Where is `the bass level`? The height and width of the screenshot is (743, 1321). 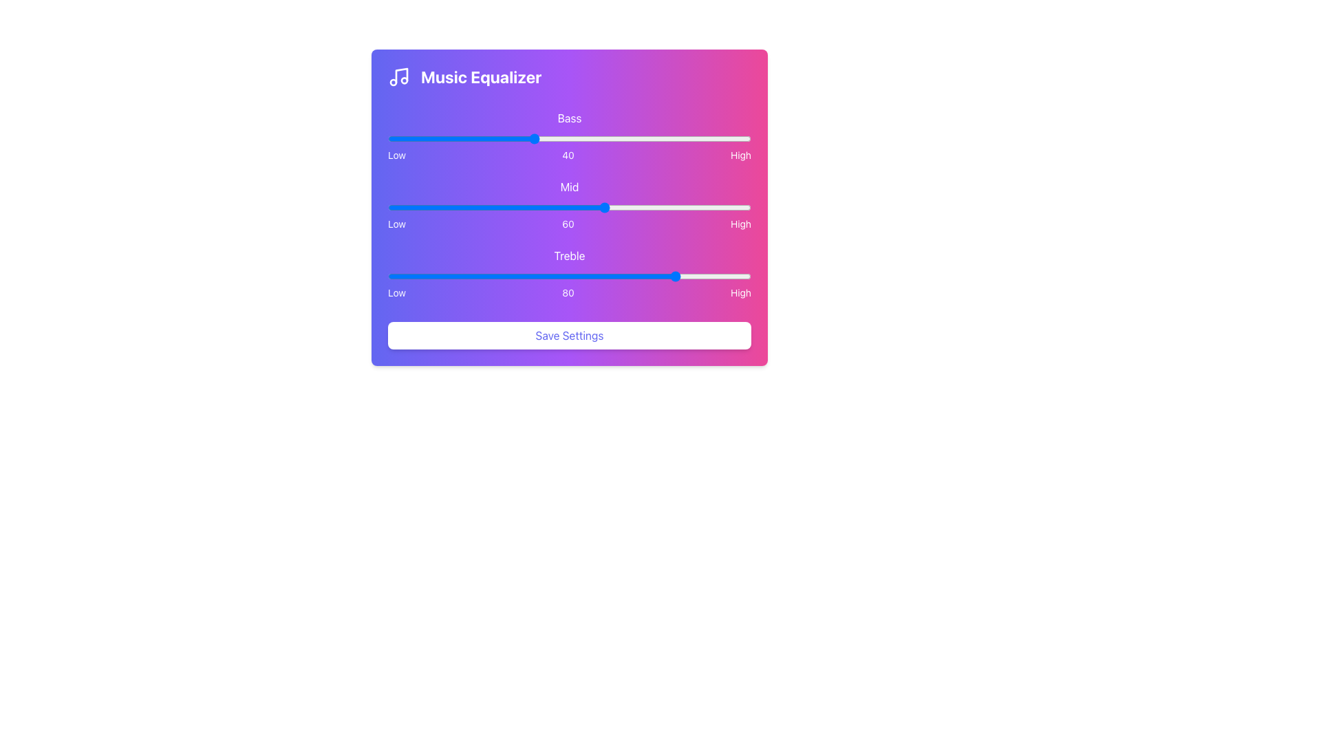
the bass level is located at coordinates (735, 138).